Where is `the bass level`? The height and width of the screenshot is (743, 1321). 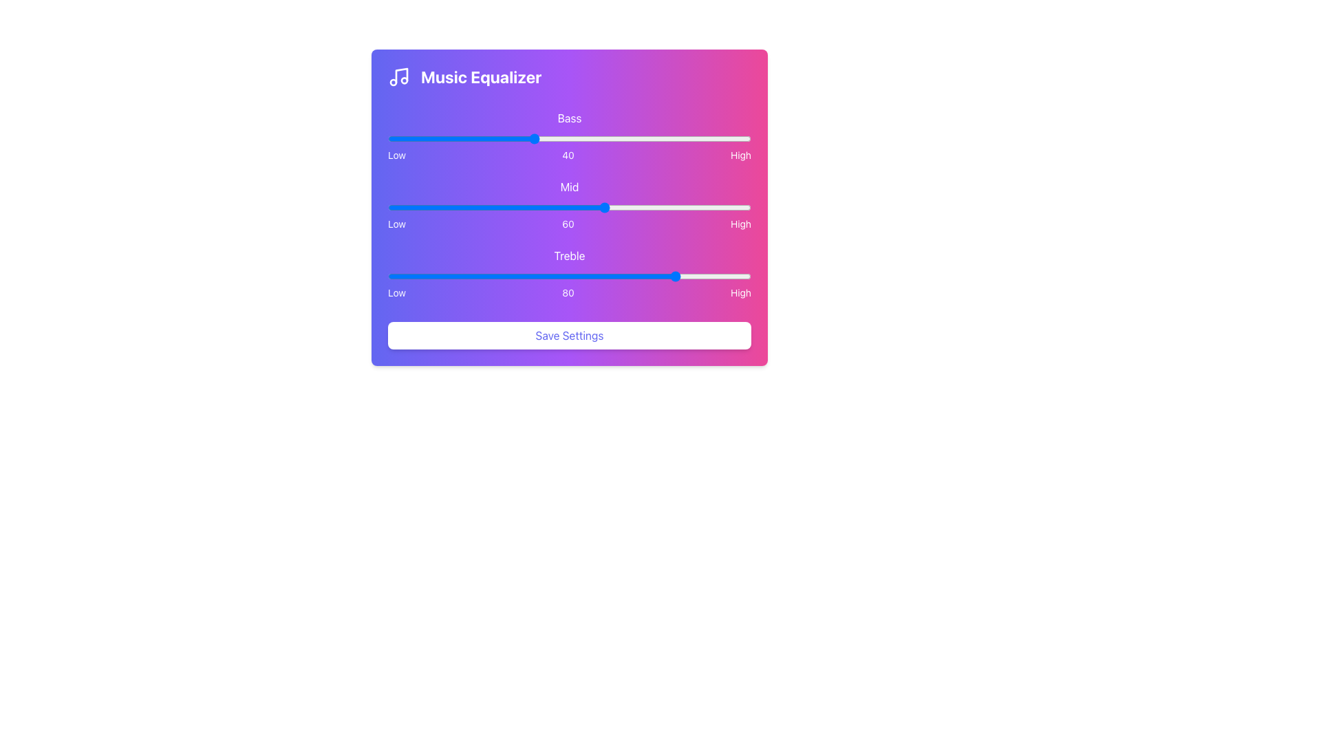
the bass level is located at coordinates (735, 138).